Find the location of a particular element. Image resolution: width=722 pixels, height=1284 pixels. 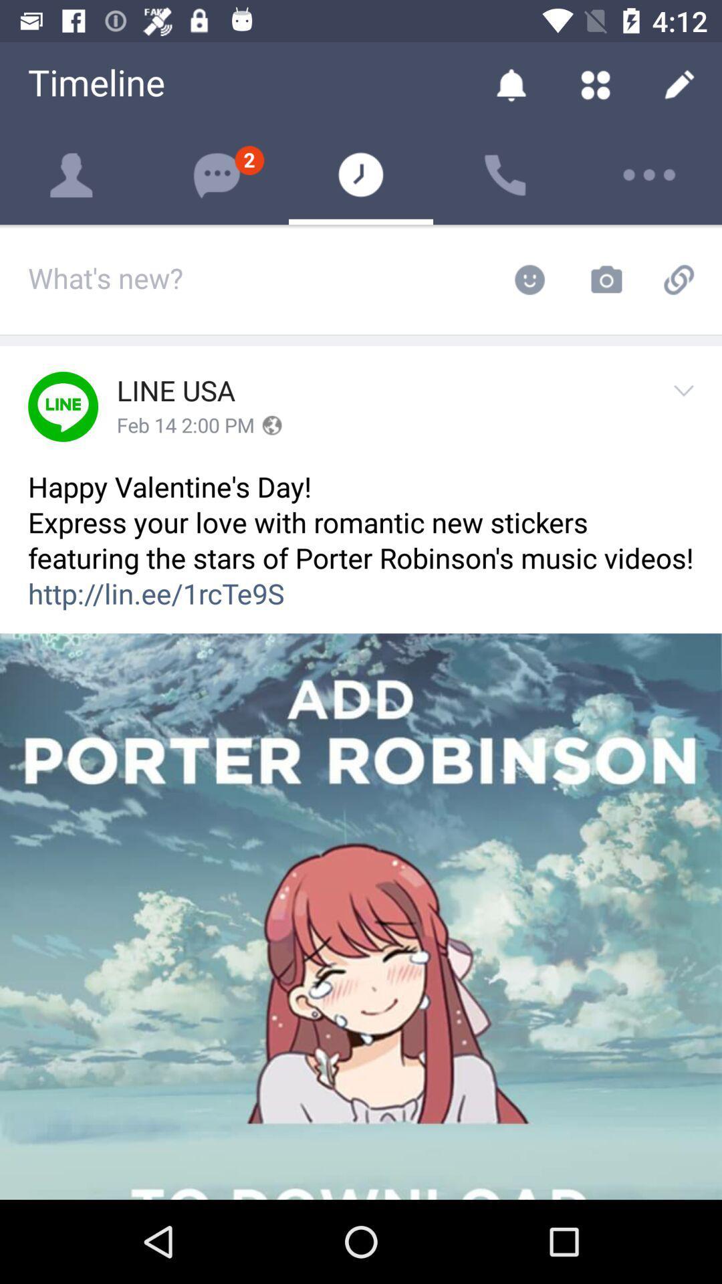

attach files icon next to camera icon on the top right corner of the page is located at coordinates (683, 279).